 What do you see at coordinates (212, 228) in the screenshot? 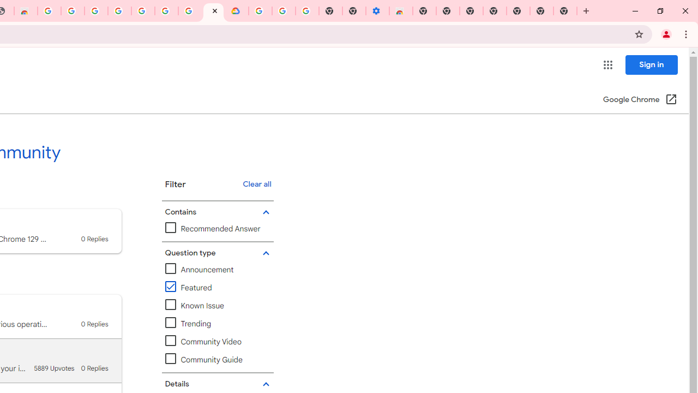
I see `'Recommended Answer'` at bounding box center [212, 228].